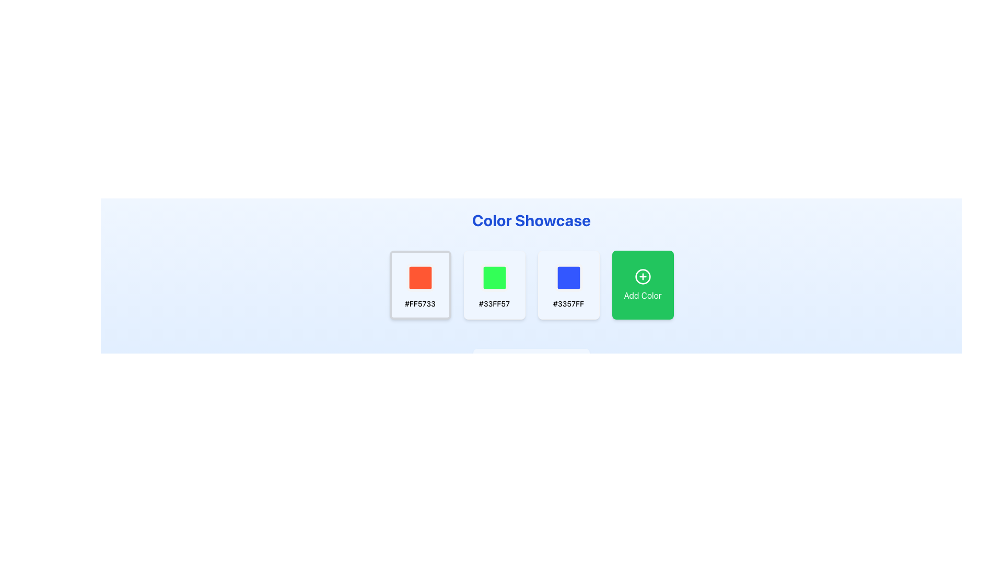 Image resolution: width=1003 pixels, height=564 pixels. Describe the element at coordinates (420, 277) in the screenshot. I see `the small rectangle with rounded corners, which is the first color tile in the 'Color Showcase' section, colored #FF5733` at that location.